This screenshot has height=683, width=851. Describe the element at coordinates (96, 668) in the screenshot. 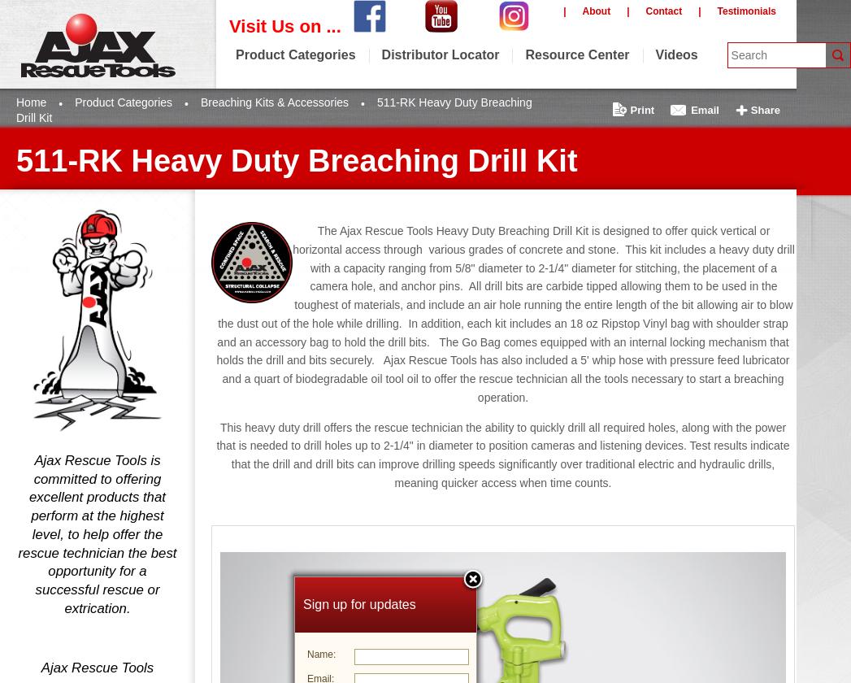

I see `'Ajax Rescue Tools'` at that location.